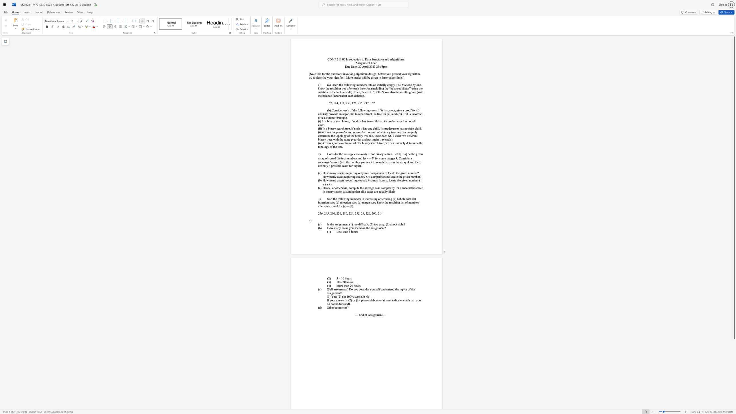  What do you see at coordinates (339, 121) in the screenshot?
I see `the subset text "rch tree, if node" within the text "(i) In a binary search tree, if node"` at bounding box center [339, 121].